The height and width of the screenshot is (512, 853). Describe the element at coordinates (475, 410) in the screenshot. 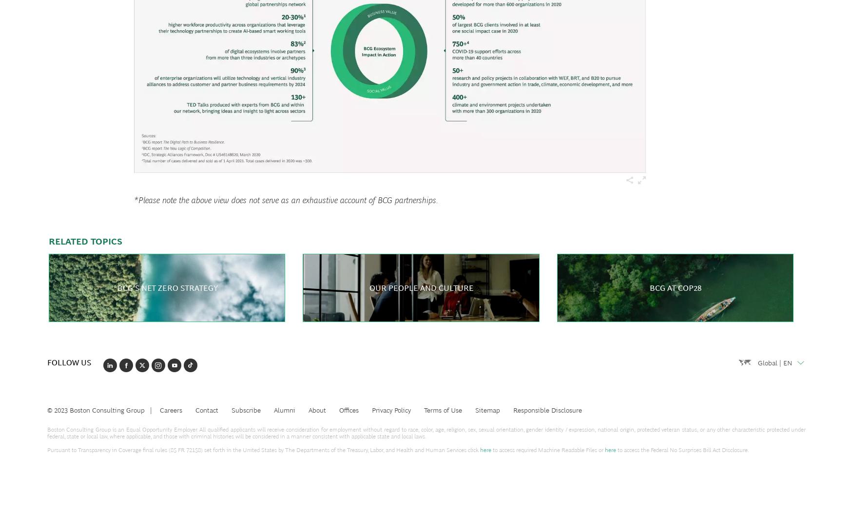

I see `'Sitemap'` at that location.